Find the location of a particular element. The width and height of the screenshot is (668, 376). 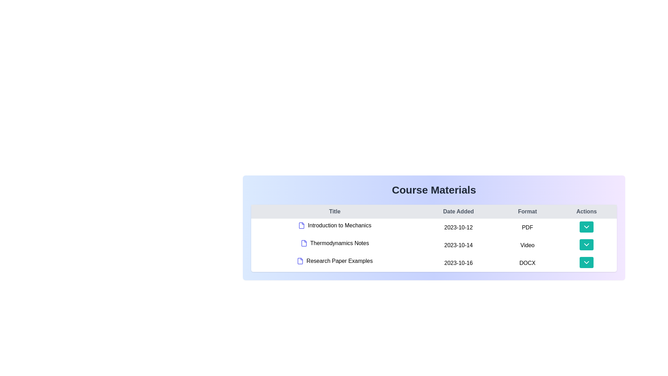

the dropdown trigger button for 'Research Paper Examples' in the 'Actions' column of the last row in the 'Course Materials' table is located at coordinates (586, 262).